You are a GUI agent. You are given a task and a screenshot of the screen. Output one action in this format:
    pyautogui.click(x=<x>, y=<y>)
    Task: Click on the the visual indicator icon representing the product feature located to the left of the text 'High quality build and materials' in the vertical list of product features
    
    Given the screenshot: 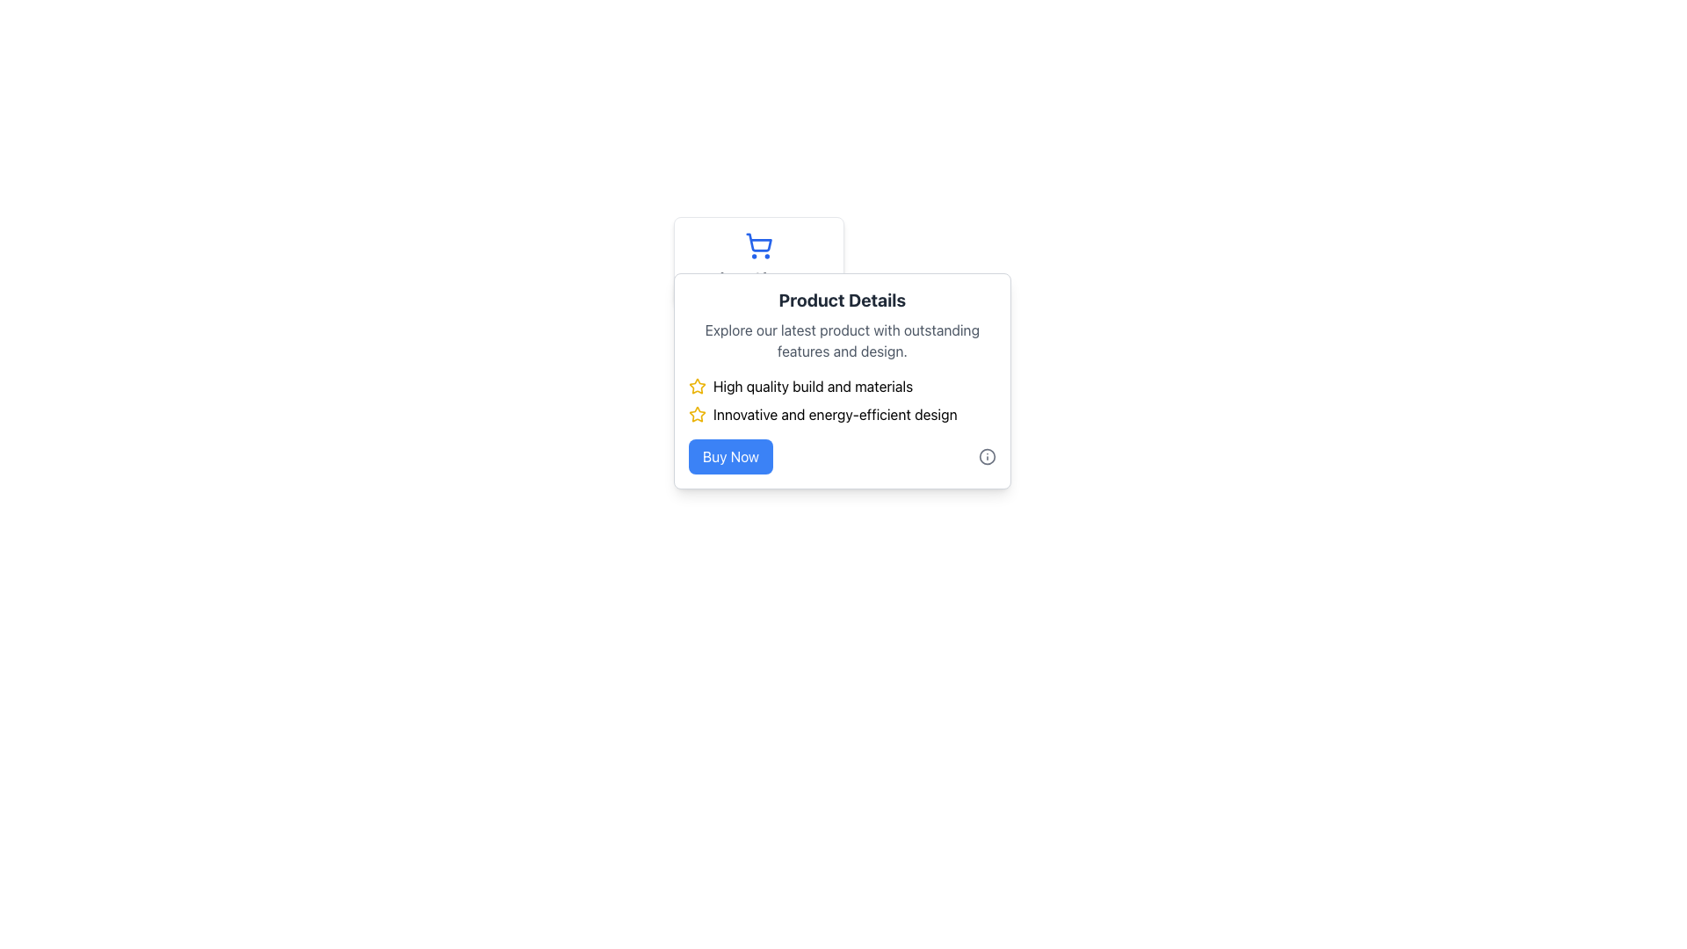 What is the action you would take?
    pyautogui.click(x=696, y=385)
    